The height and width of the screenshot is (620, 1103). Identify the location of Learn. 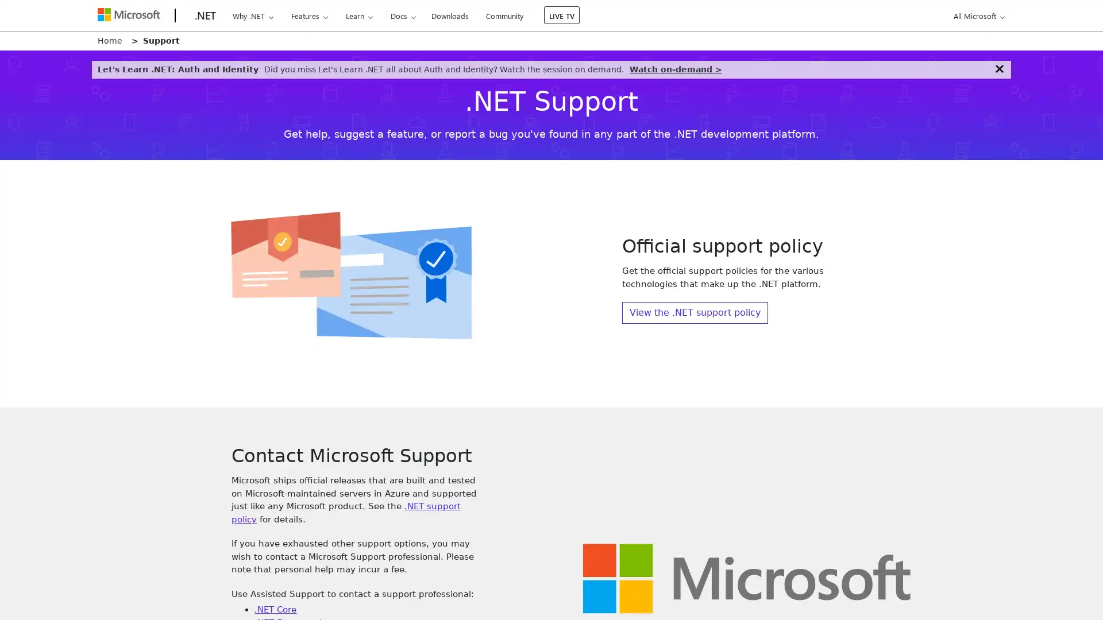
(358, 15).